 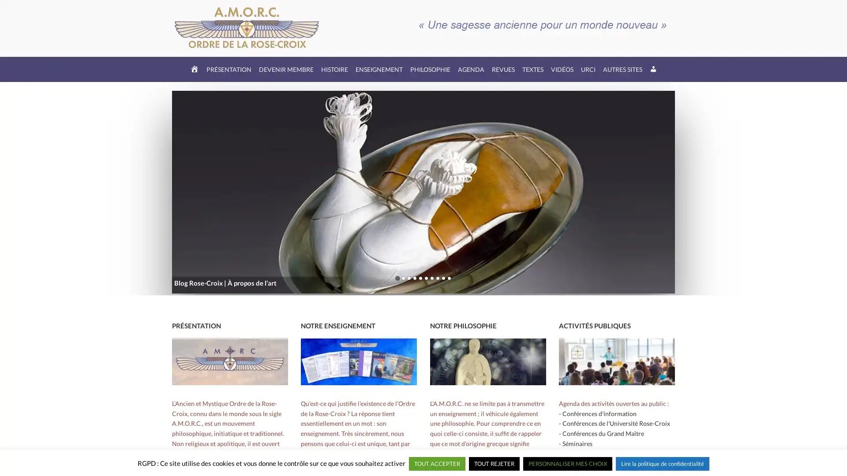 I want to click on TOUT ACCEPTER, so click(x=437, y=463).